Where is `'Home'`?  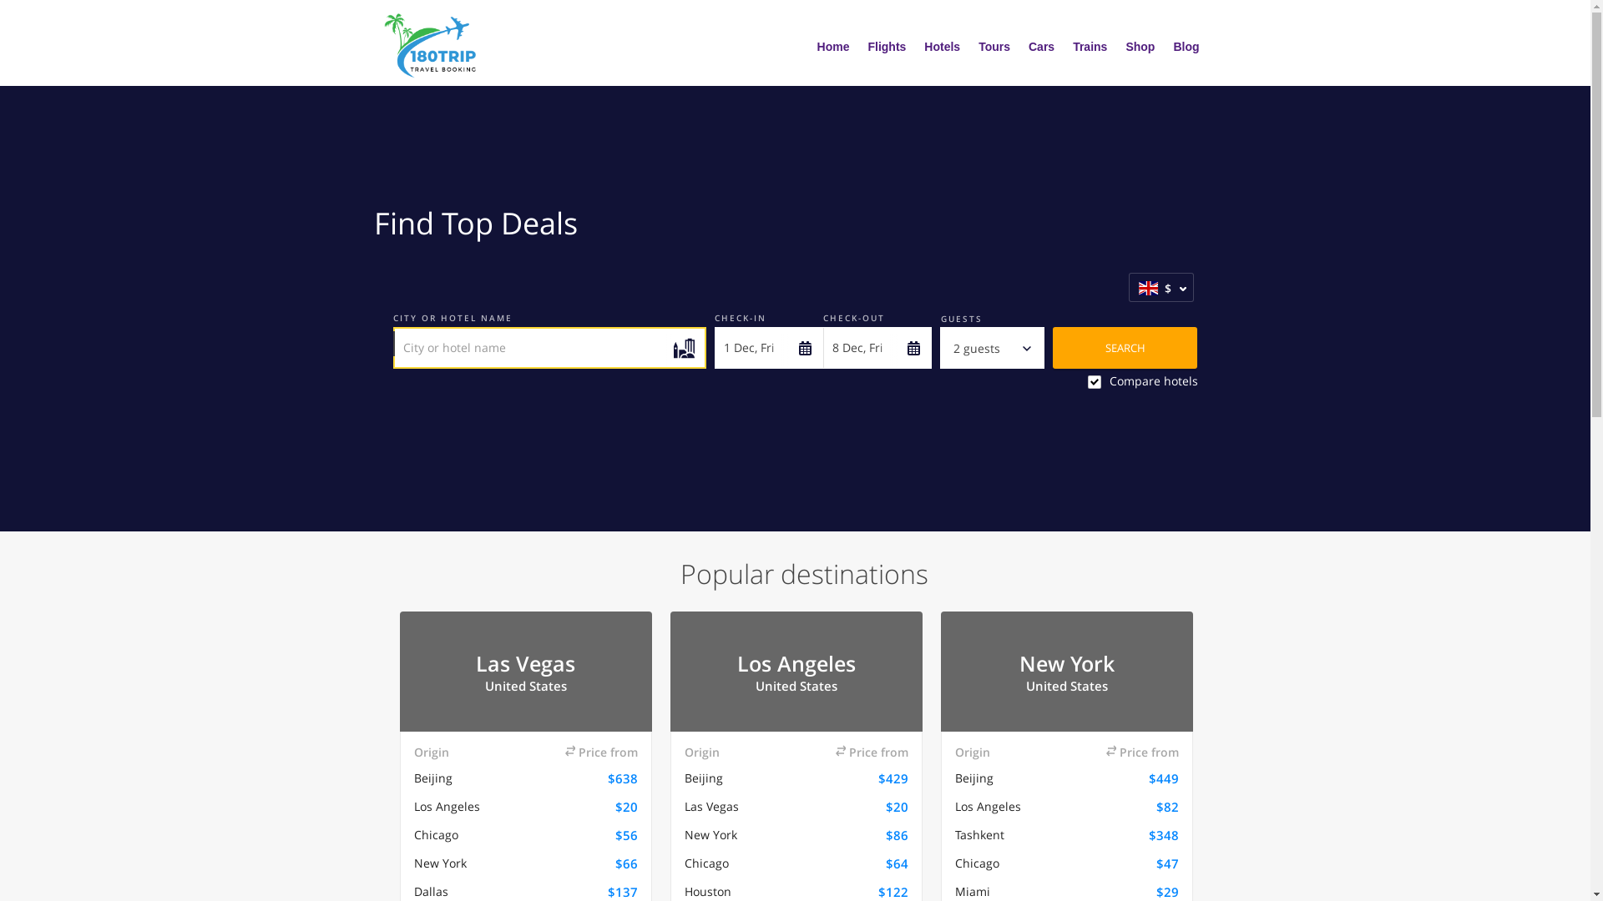 'Home' is located at coordinates (833, 47).